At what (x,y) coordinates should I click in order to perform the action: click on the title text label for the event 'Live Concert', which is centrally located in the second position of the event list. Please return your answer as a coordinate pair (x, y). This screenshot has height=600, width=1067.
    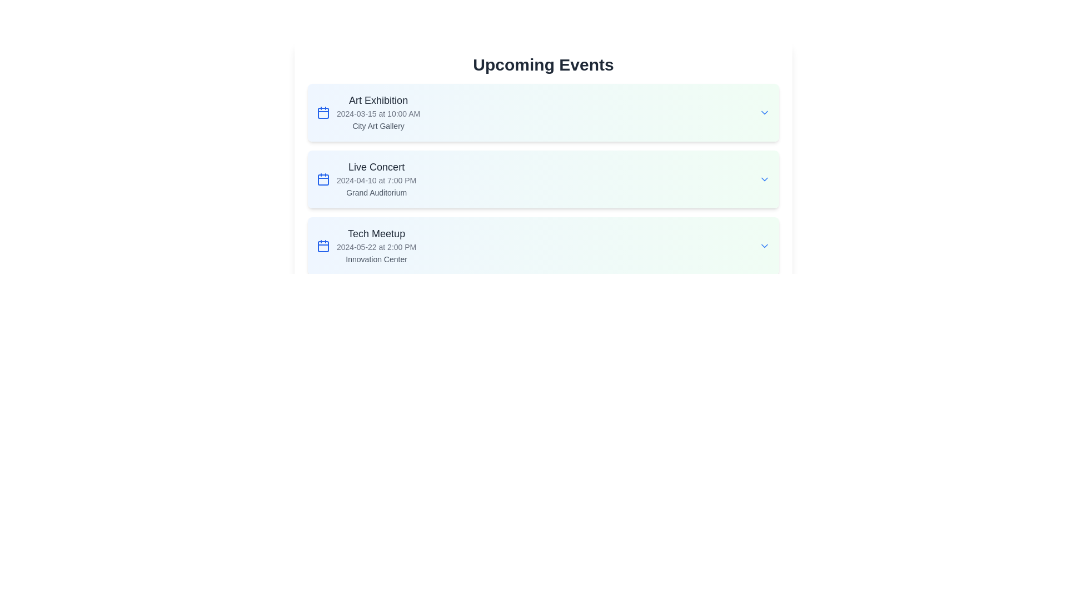
    Looking at the image, I should click on (376, 167).